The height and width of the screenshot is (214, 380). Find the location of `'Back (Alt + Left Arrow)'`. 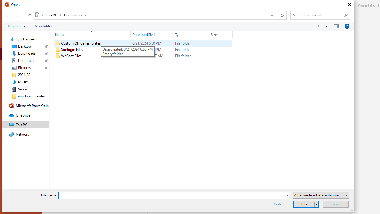

'Back (Alt + Left Arrow)' is located at coordinates (8, 15).